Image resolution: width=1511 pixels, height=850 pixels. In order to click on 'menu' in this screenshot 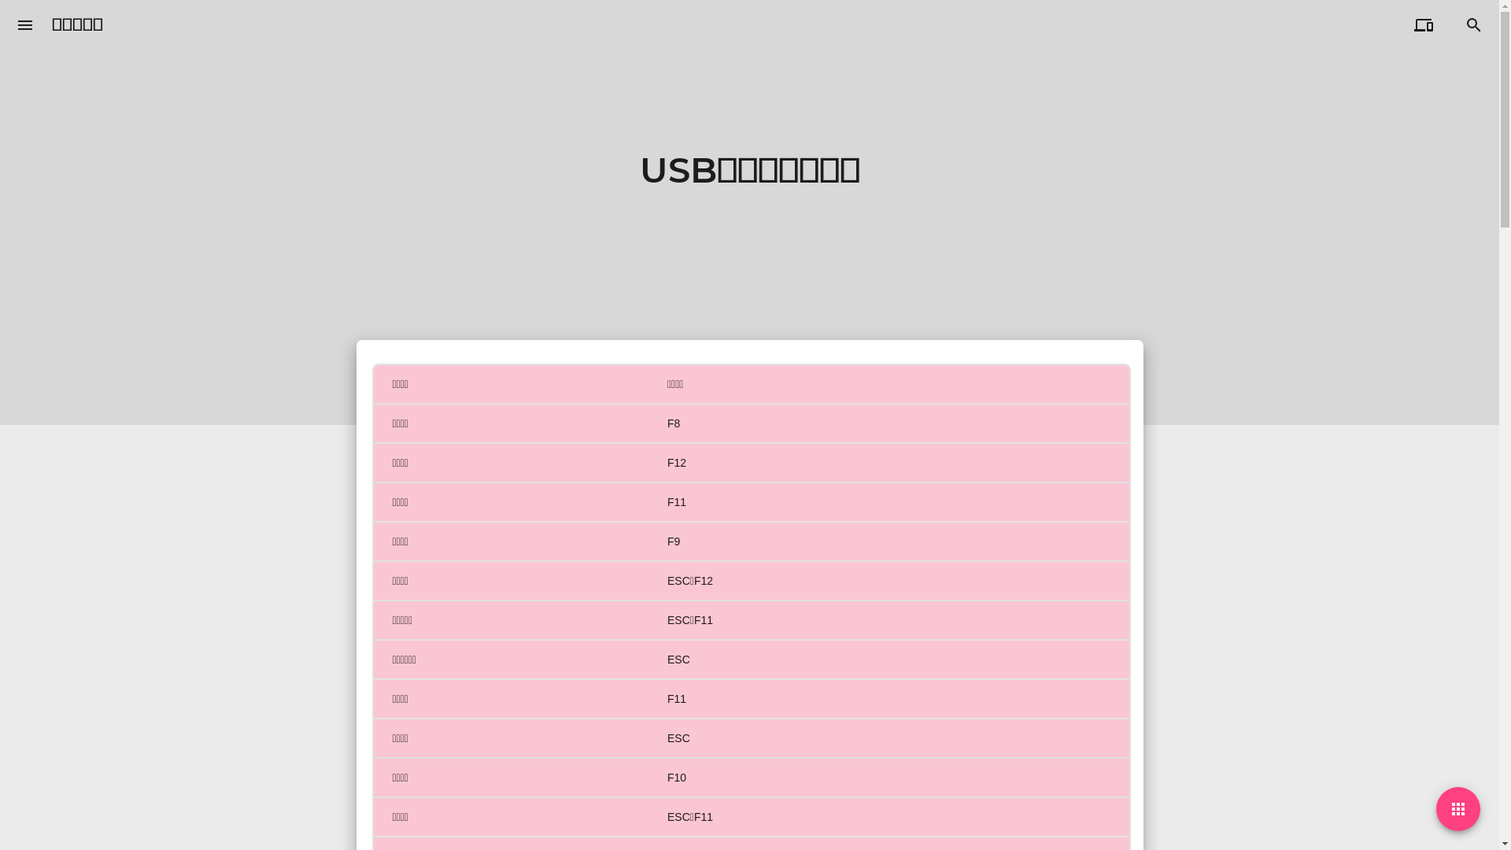, I will do `click(25, 24)`.